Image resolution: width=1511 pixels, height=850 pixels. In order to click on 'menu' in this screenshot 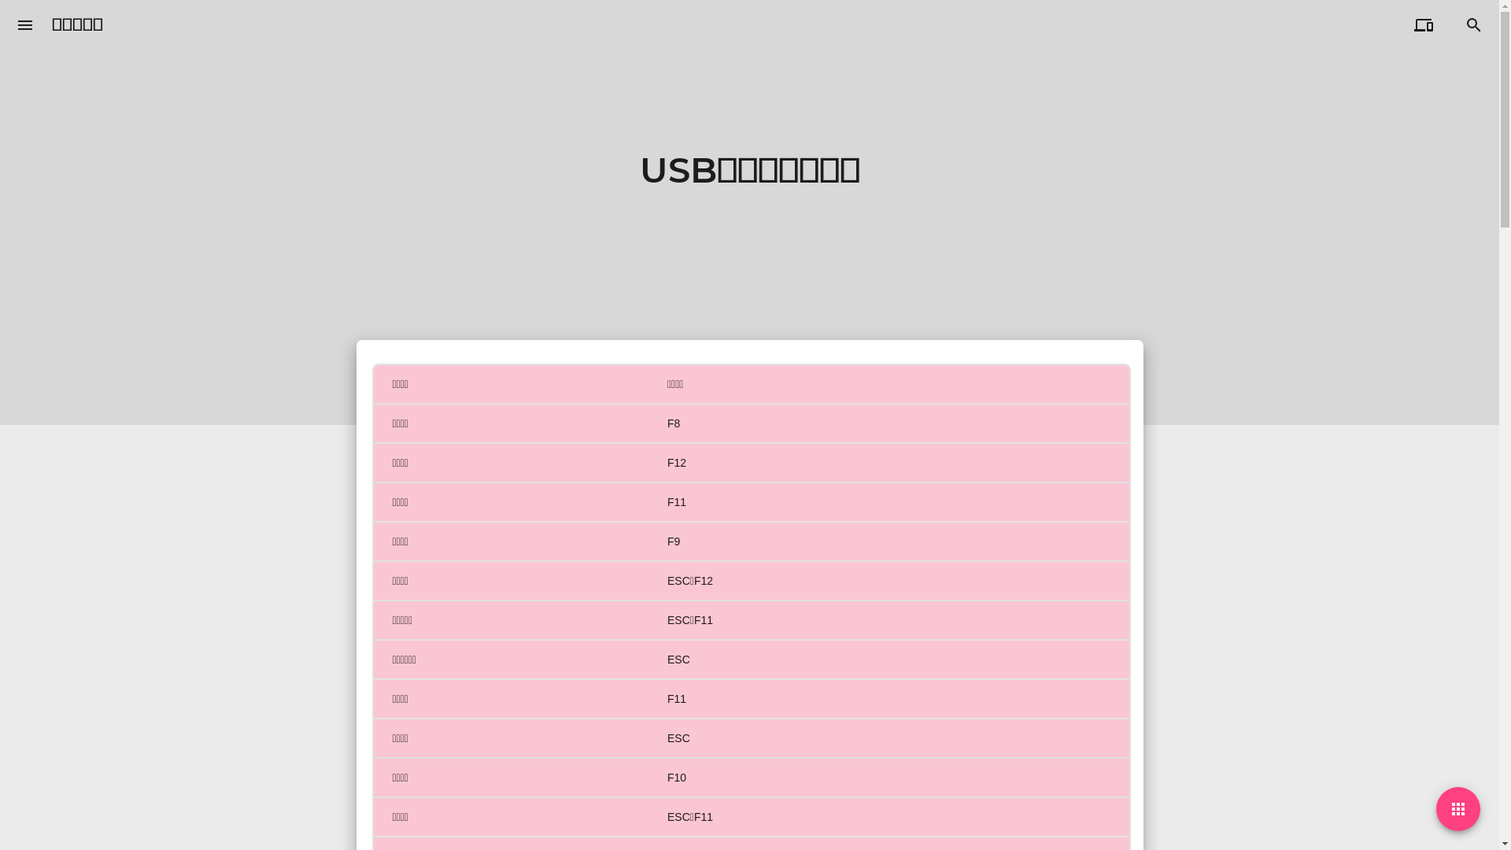, I will do `click(25, 24)`.